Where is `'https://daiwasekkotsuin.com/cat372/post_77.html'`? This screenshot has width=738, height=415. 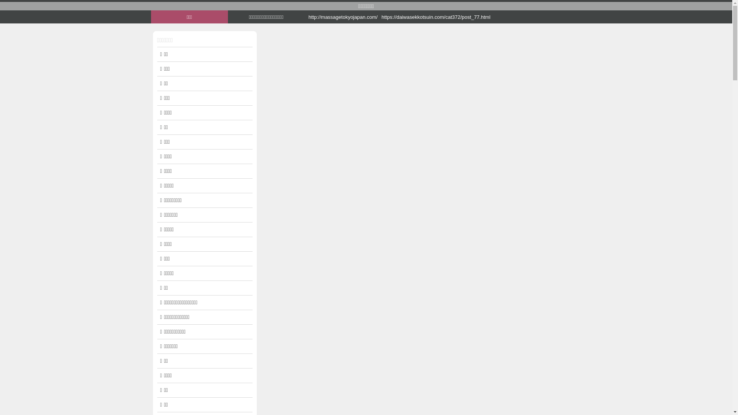
'https://daiwasekkotsuin.com/cat372/post_77.html' is located at coordinates (419, 17).